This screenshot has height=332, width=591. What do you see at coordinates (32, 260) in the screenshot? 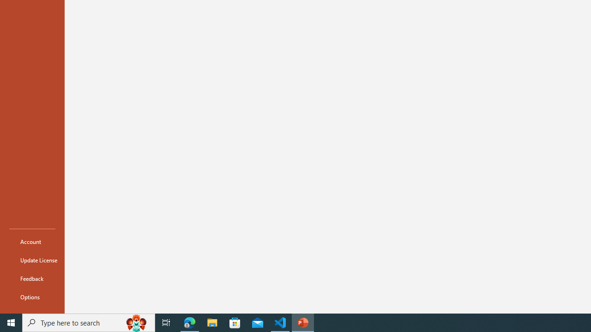
I see `'Update License'` at bounding box center [32, 260].